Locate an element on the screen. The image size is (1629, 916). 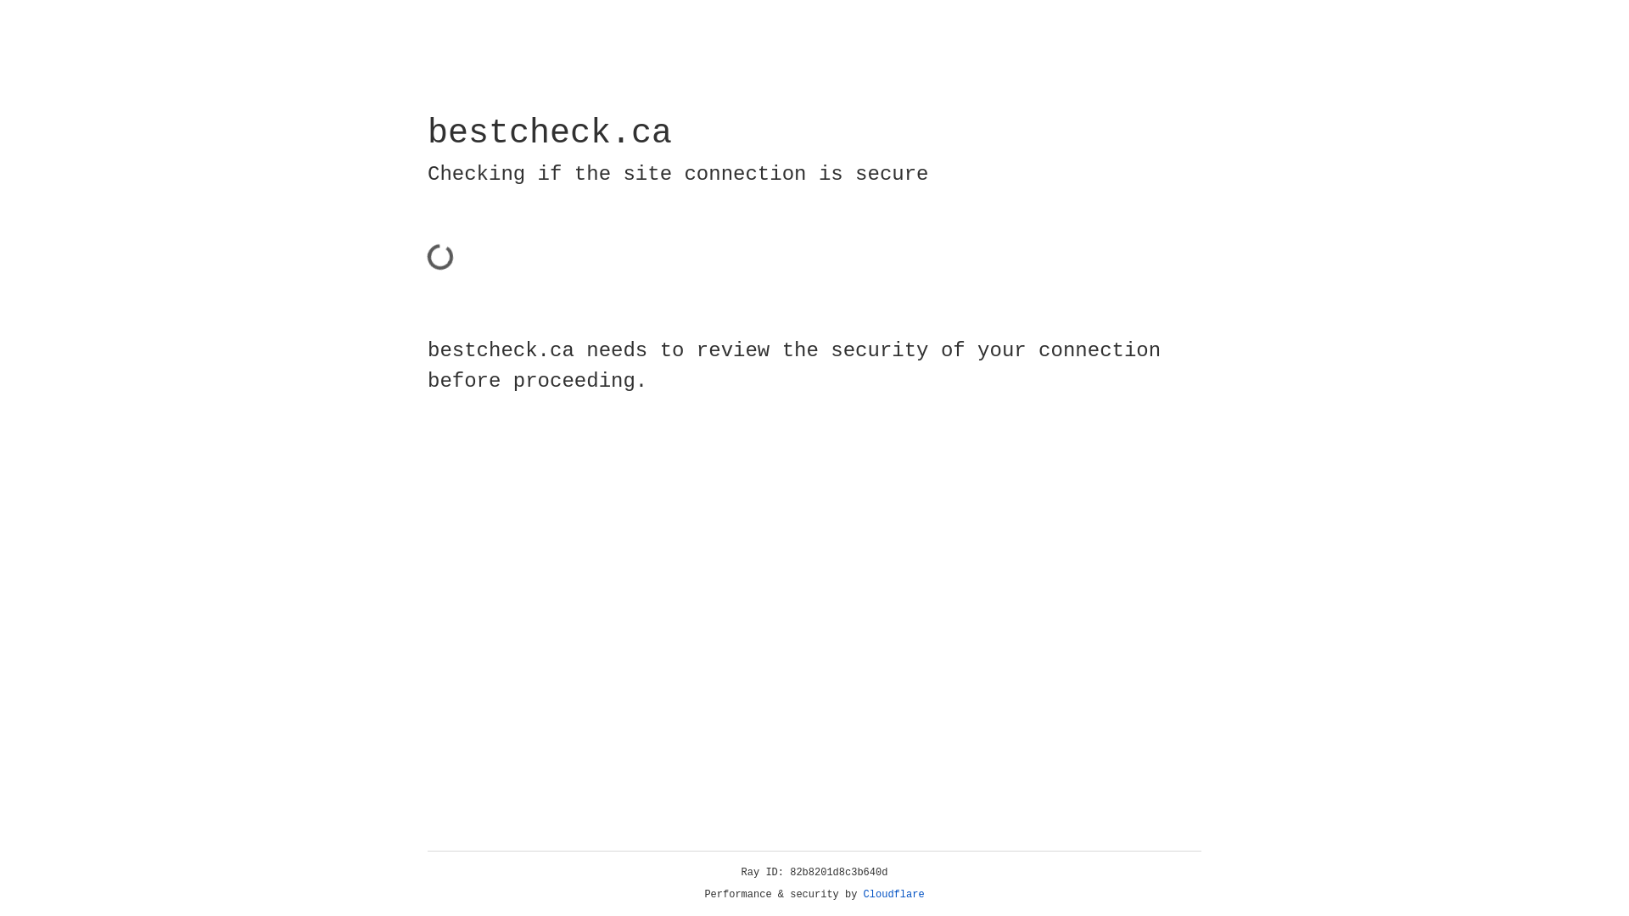
'Cloudflare' is located at coordinates (893, 894).